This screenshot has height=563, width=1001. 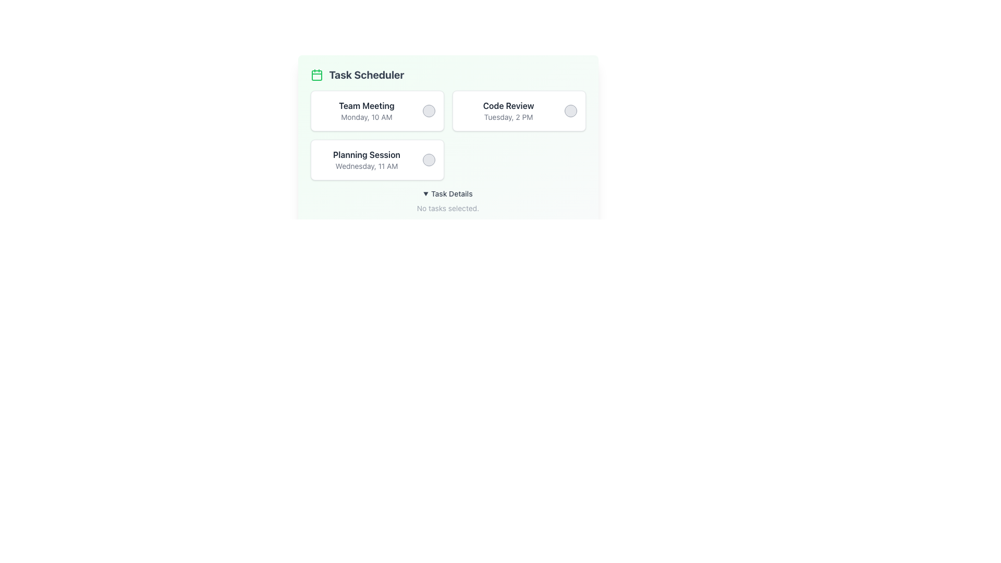 What do you see at coordinates (367, 160) in the screenshot?
I see `the non-interactive Text Display element that shows the scheduled event title and time, positioned below 'Team Meeting, Monday 10 AM' and above 'Task Details'` at bounding box center [367, 160].